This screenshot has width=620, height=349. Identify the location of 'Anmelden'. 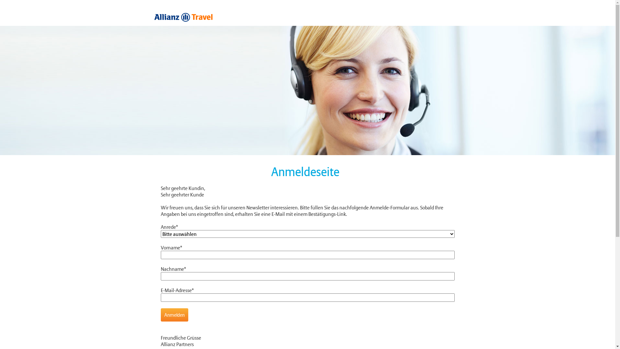
(174, 314).